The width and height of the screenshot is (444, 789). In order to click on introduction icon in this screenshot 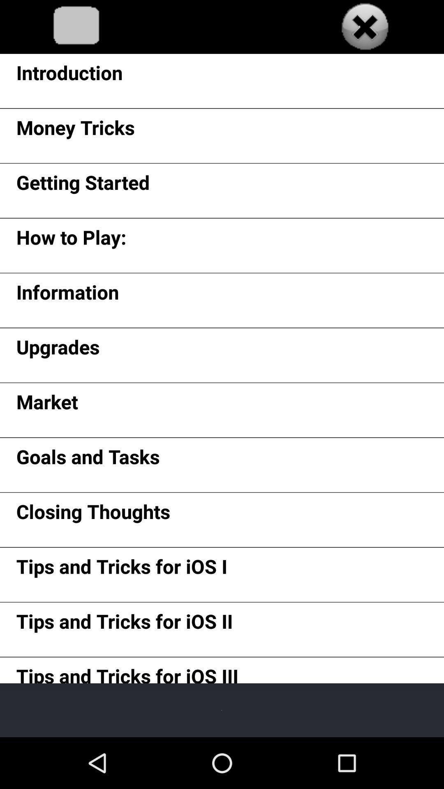, I will do `click(69, 76)`.